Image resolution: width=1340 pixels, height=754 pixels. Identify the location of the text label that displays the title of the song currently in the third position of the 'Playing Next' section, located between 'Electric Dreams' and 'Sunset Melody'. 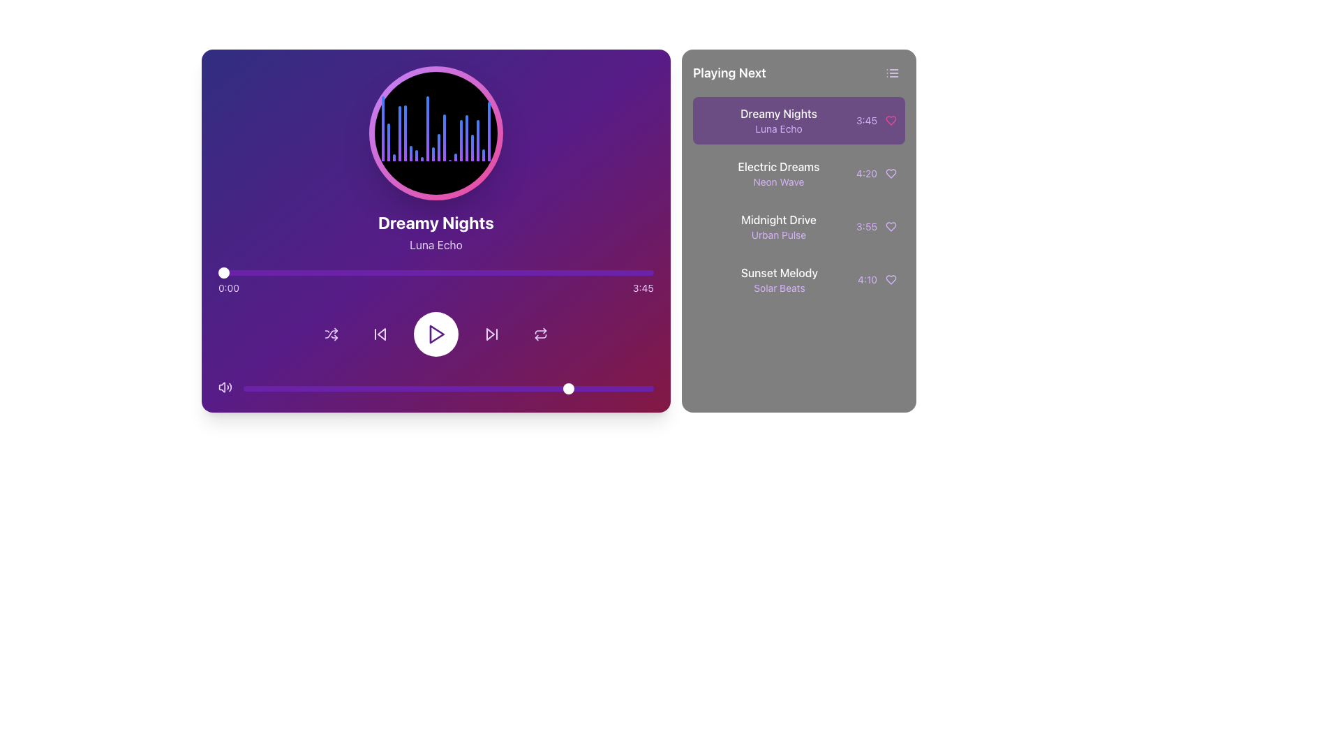
(778, 220).